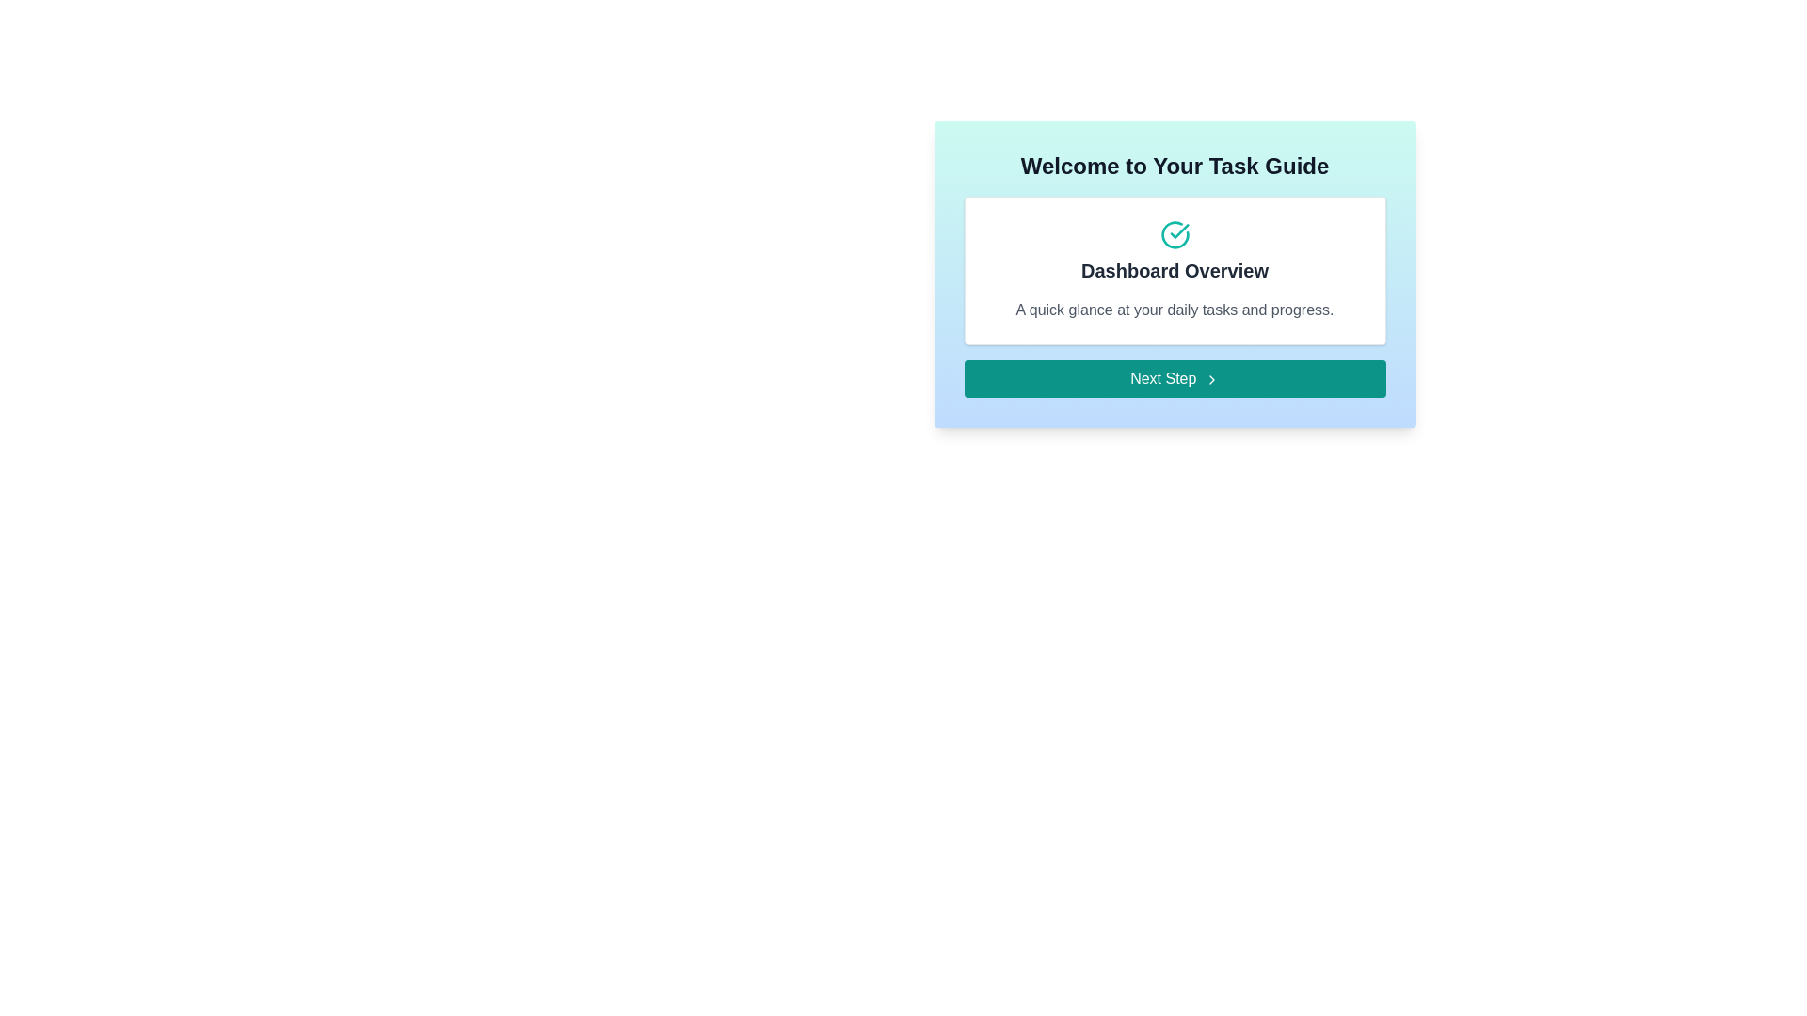  Describe the element at coordinates (1174, 234) in the screenshot. I see `the decorative icon representing a successful operation located above the 'Dashboard Overview' title` at that location.